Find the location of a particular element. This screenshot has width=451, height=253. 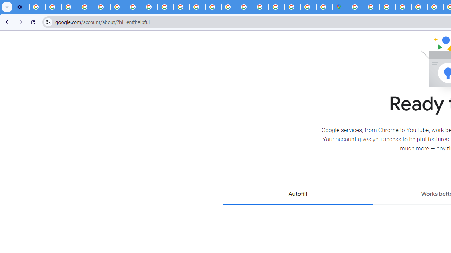

'Google Maps' is located at coordinates (340, 7).